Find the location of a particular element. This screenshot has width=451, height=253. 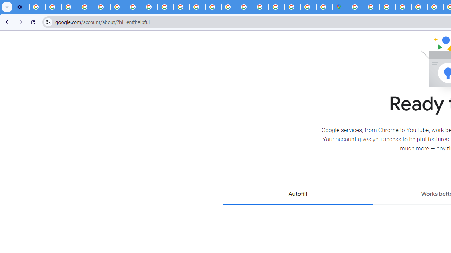

'Google Maps' is located at coordinates (340, 7).